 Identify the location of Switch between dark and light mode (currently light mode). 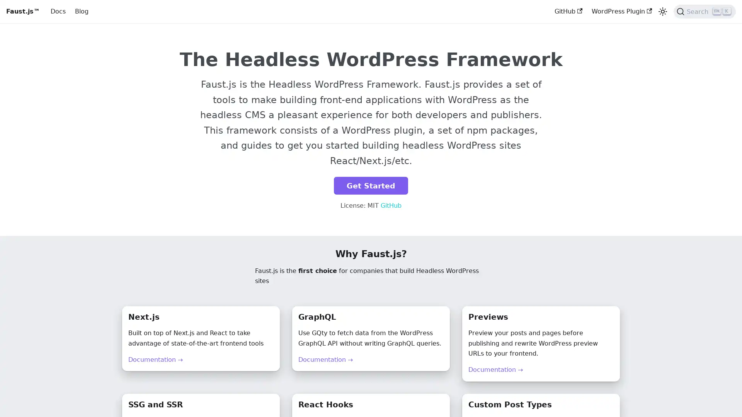
(662, 12).